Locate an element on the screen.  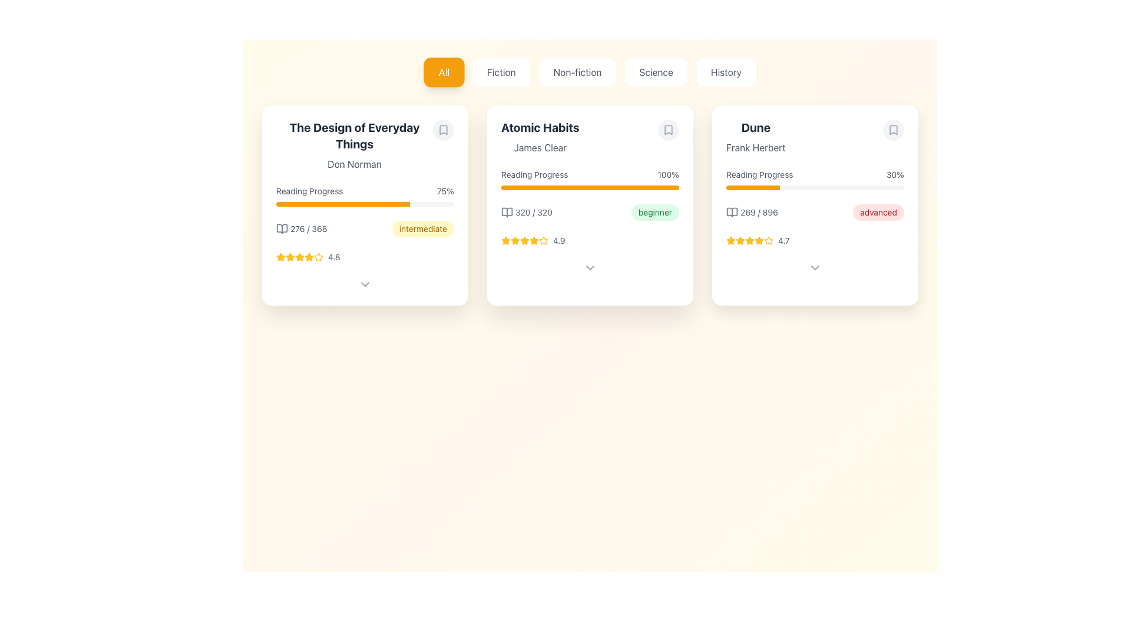
the text display element containing the bold title 'The Design of Everyday Things' and the subtitle 'Don Norman', located in the top-left corner of the card layout is located at coordinates (353, 144).